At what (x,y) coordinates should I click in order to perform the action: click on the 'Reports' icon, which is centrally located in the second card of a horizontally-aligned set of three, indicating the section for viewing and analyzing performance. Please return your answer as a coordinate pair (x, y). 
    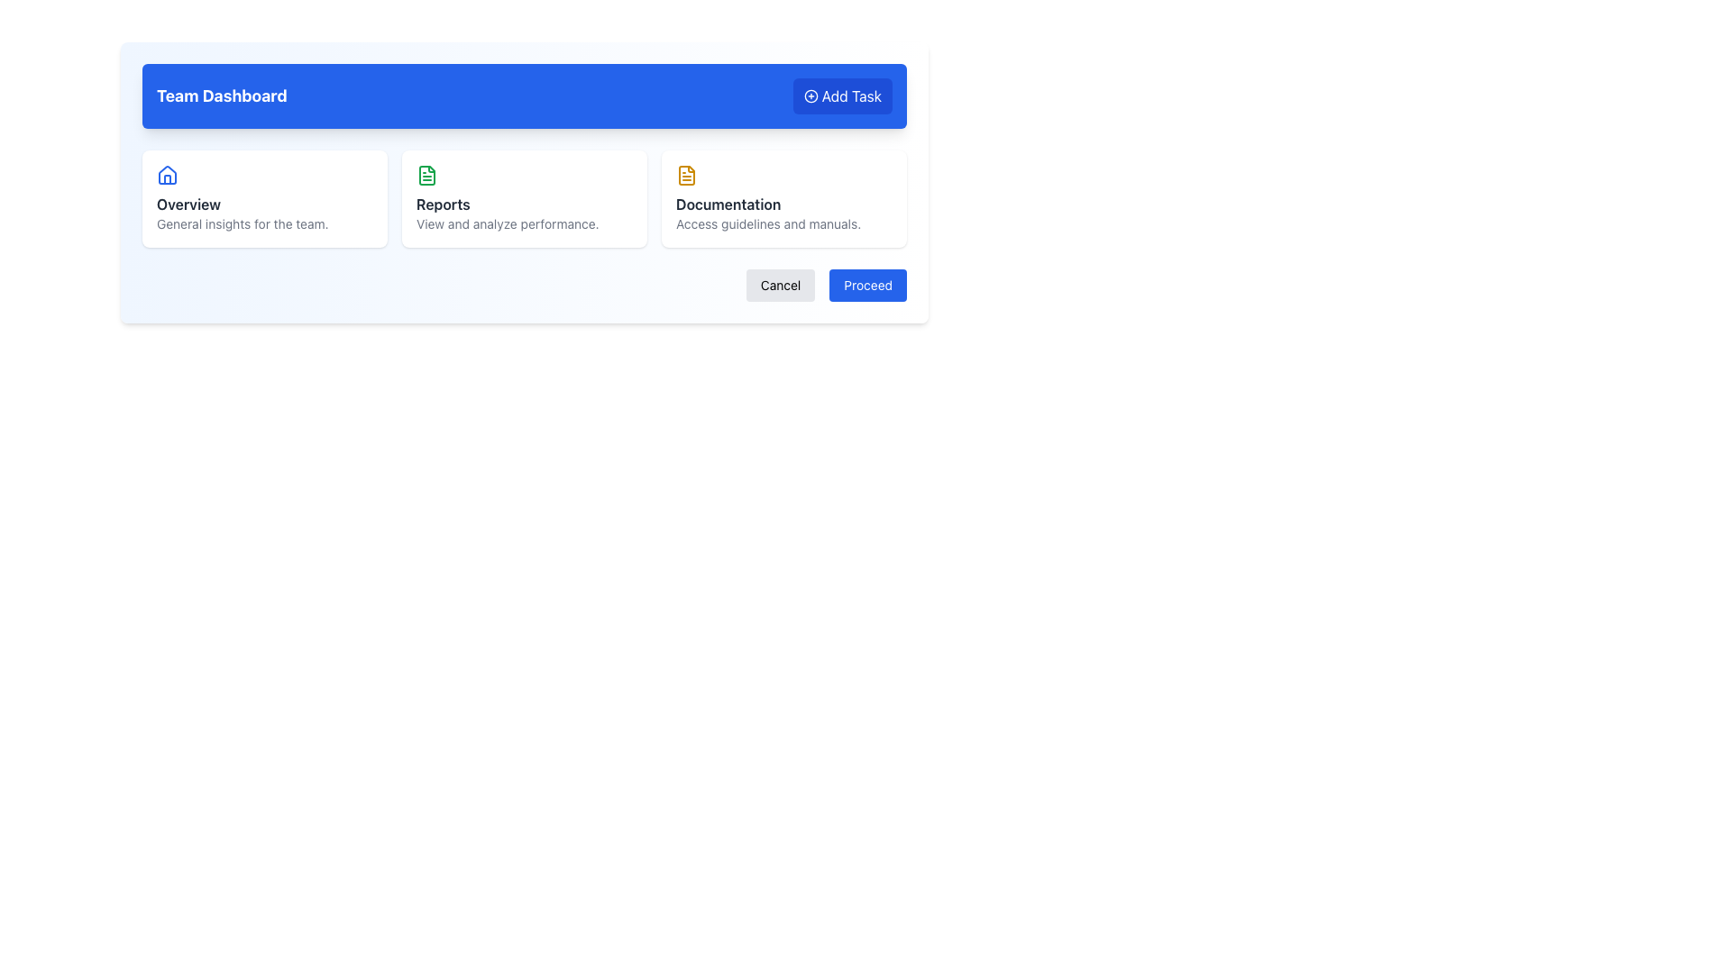
    Looking at the image, I should click on (426, 176).